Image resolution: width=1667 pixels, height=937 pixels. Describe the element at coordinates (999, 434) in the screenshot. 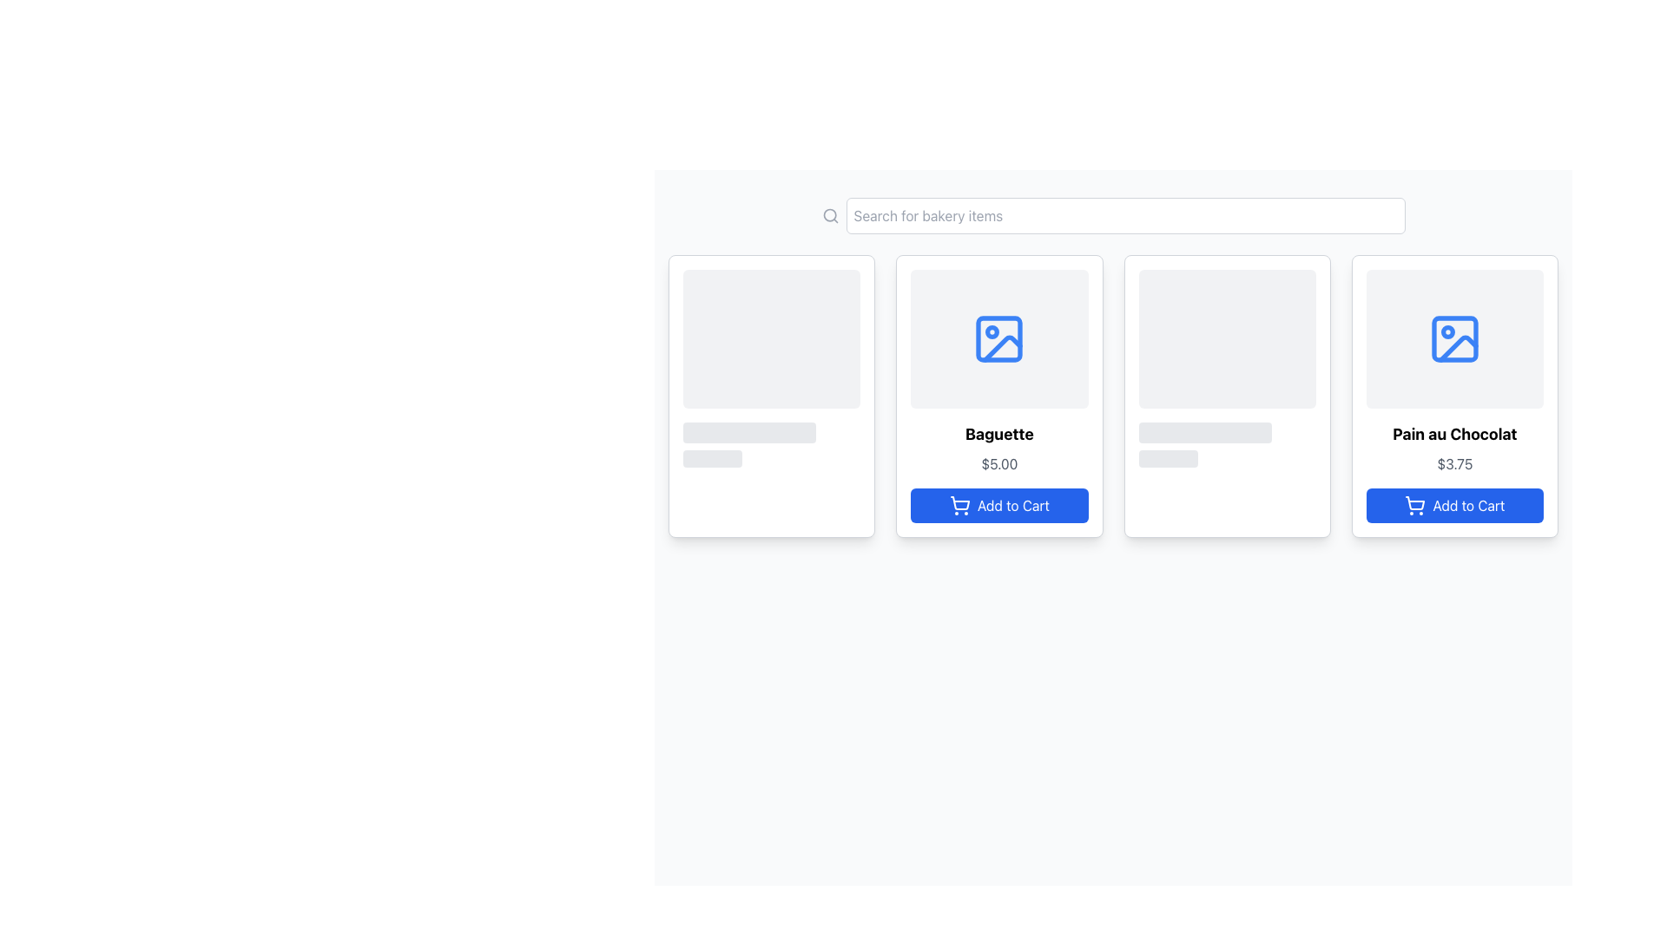

I see `product name 'Baguette' from the bold text label positioned centrally in the second product card above the price tag and 'Add to Cart' button` at that location.